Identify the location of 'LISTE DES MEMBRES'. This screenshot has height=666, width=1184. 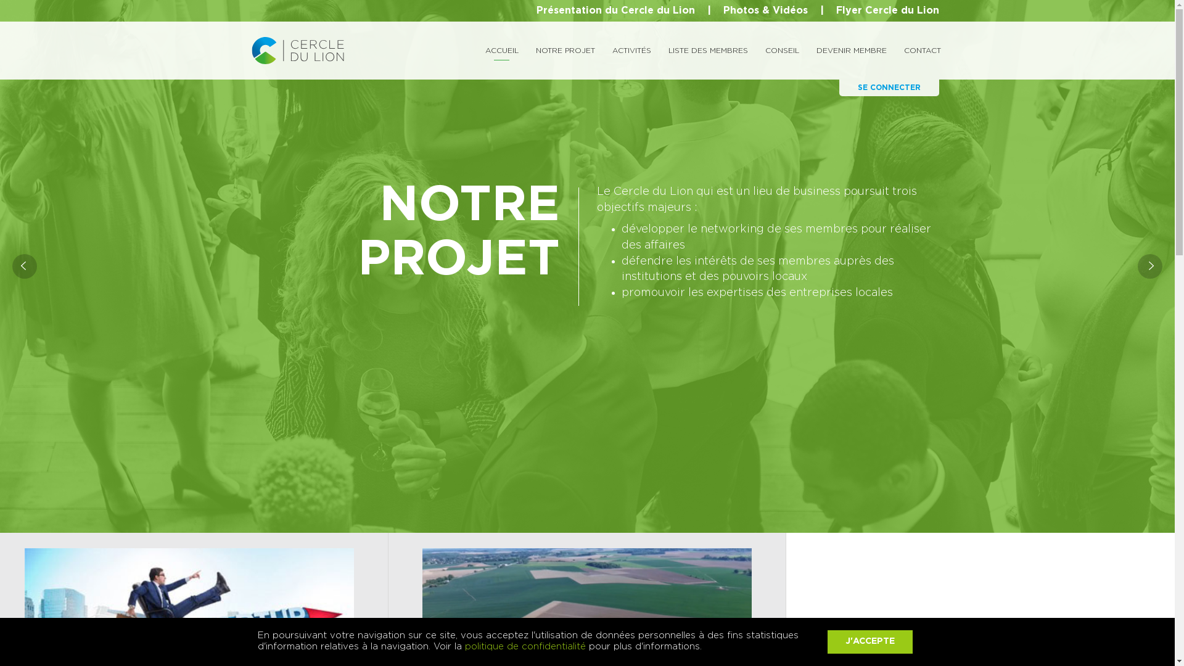
(708, 49).